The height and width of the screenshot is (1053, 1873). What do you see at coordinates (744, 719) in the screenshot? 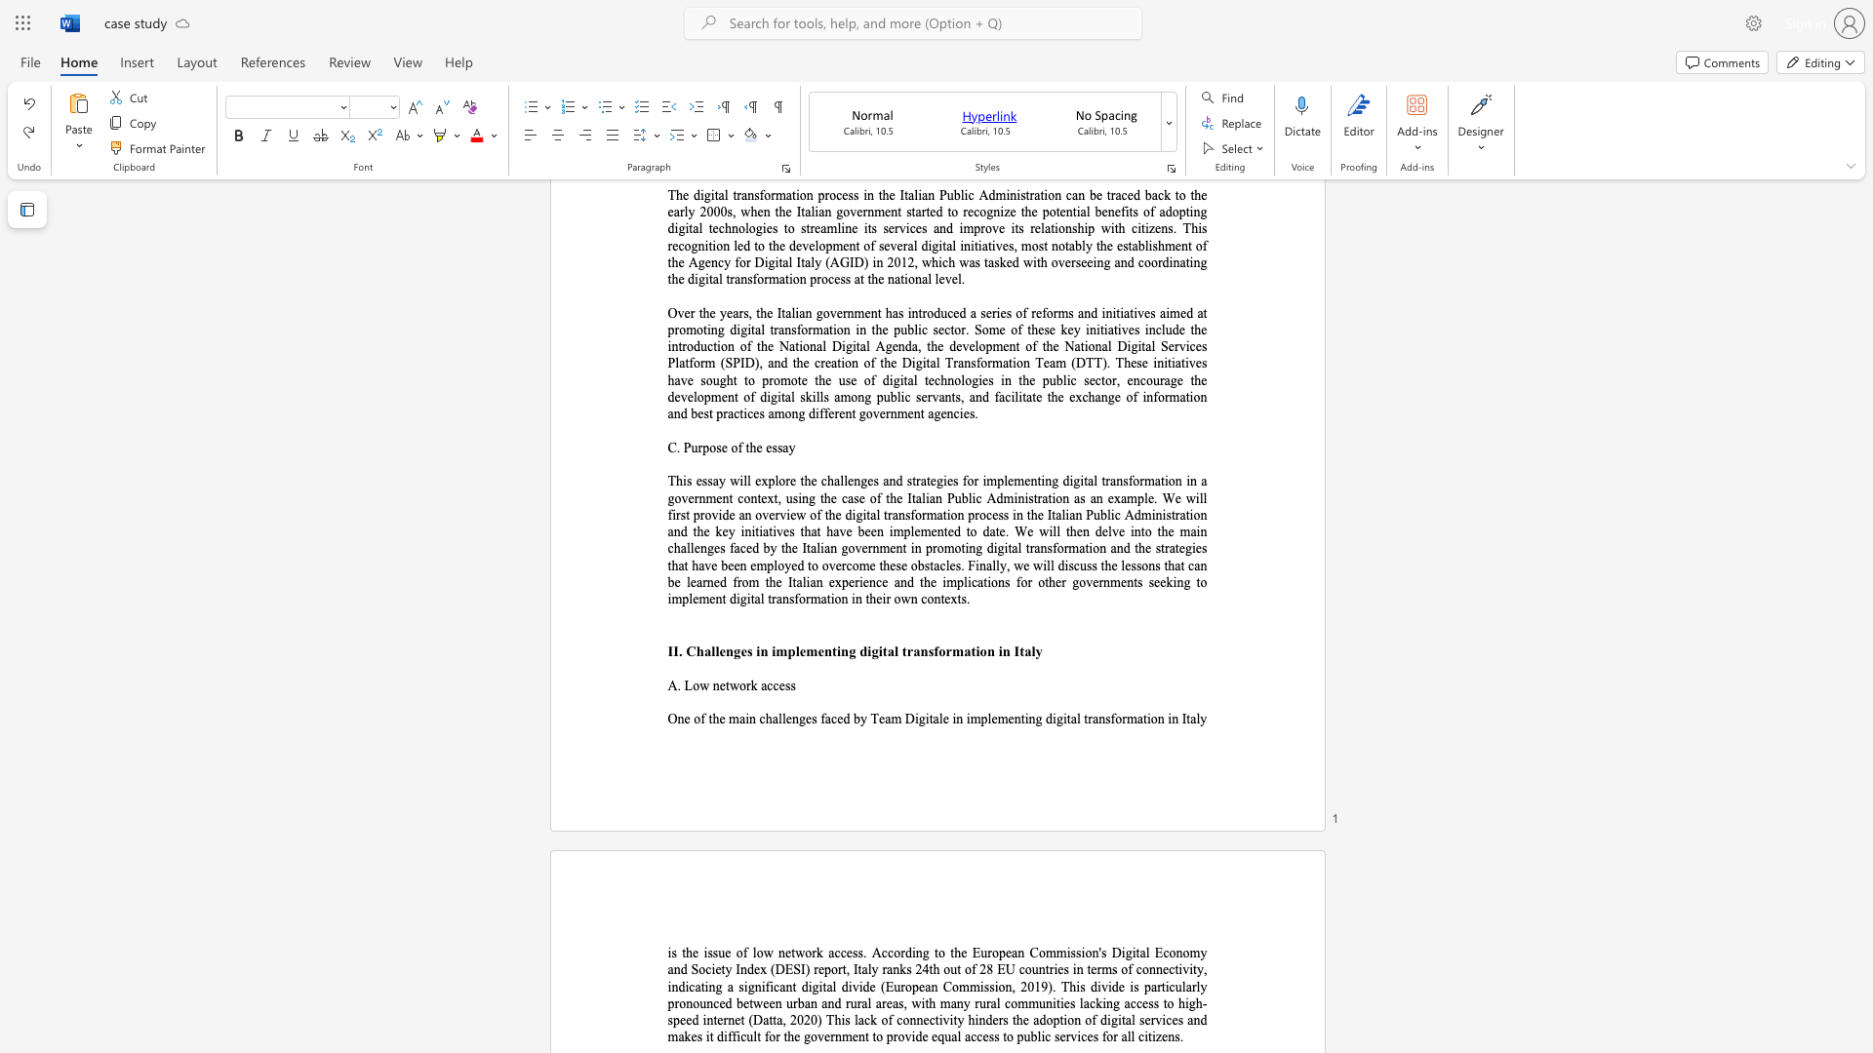
I see `the subset text "in challenges faced by Team Digitale in implementing digital transfor" within the text "One of the main challenges faced by Team Digitale in implementing digital transformation in Italy"` at bounding box center [744, 719].